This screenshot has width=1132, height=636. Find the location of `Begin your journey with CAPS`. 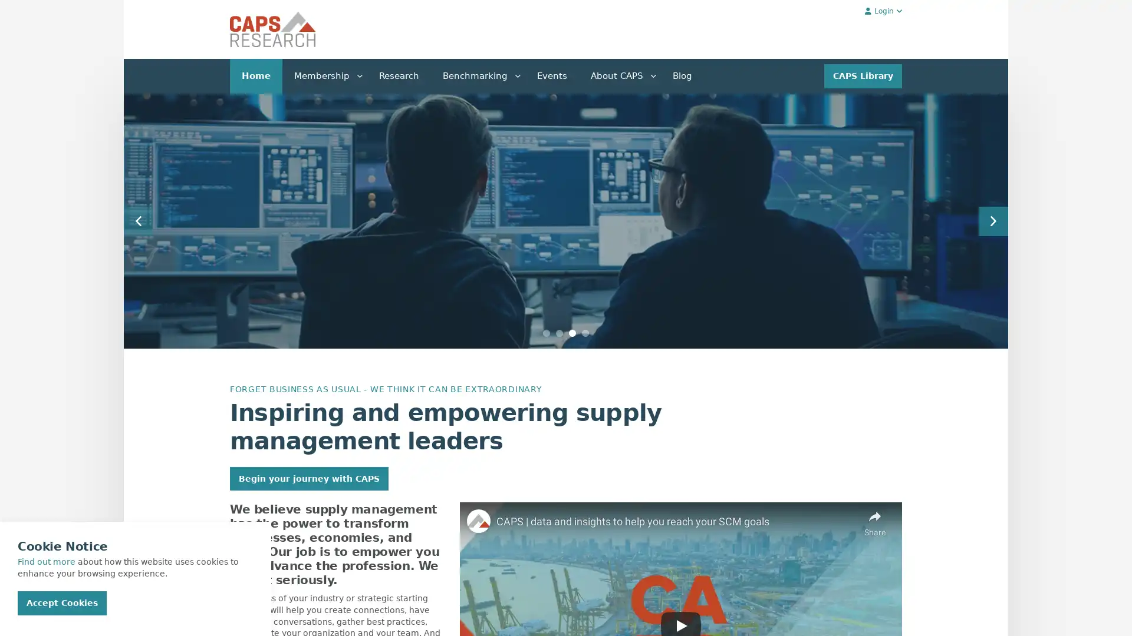

Begin your journey with CAPS is located at coordinates (309, 478).